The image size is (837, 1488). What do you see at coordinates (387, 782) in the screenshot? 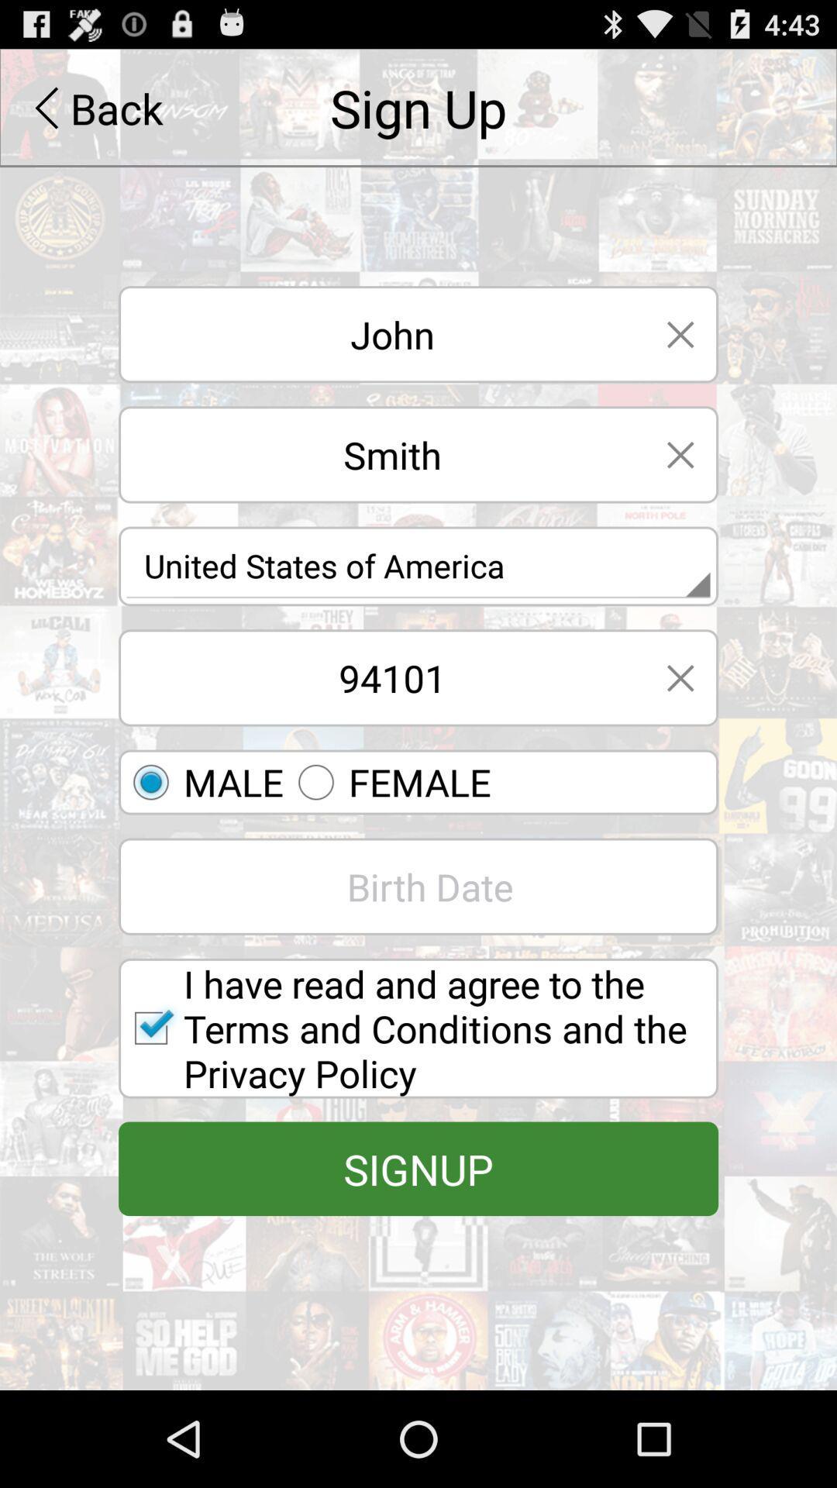
I see `the second gender option` at bounding box center [387, 782].